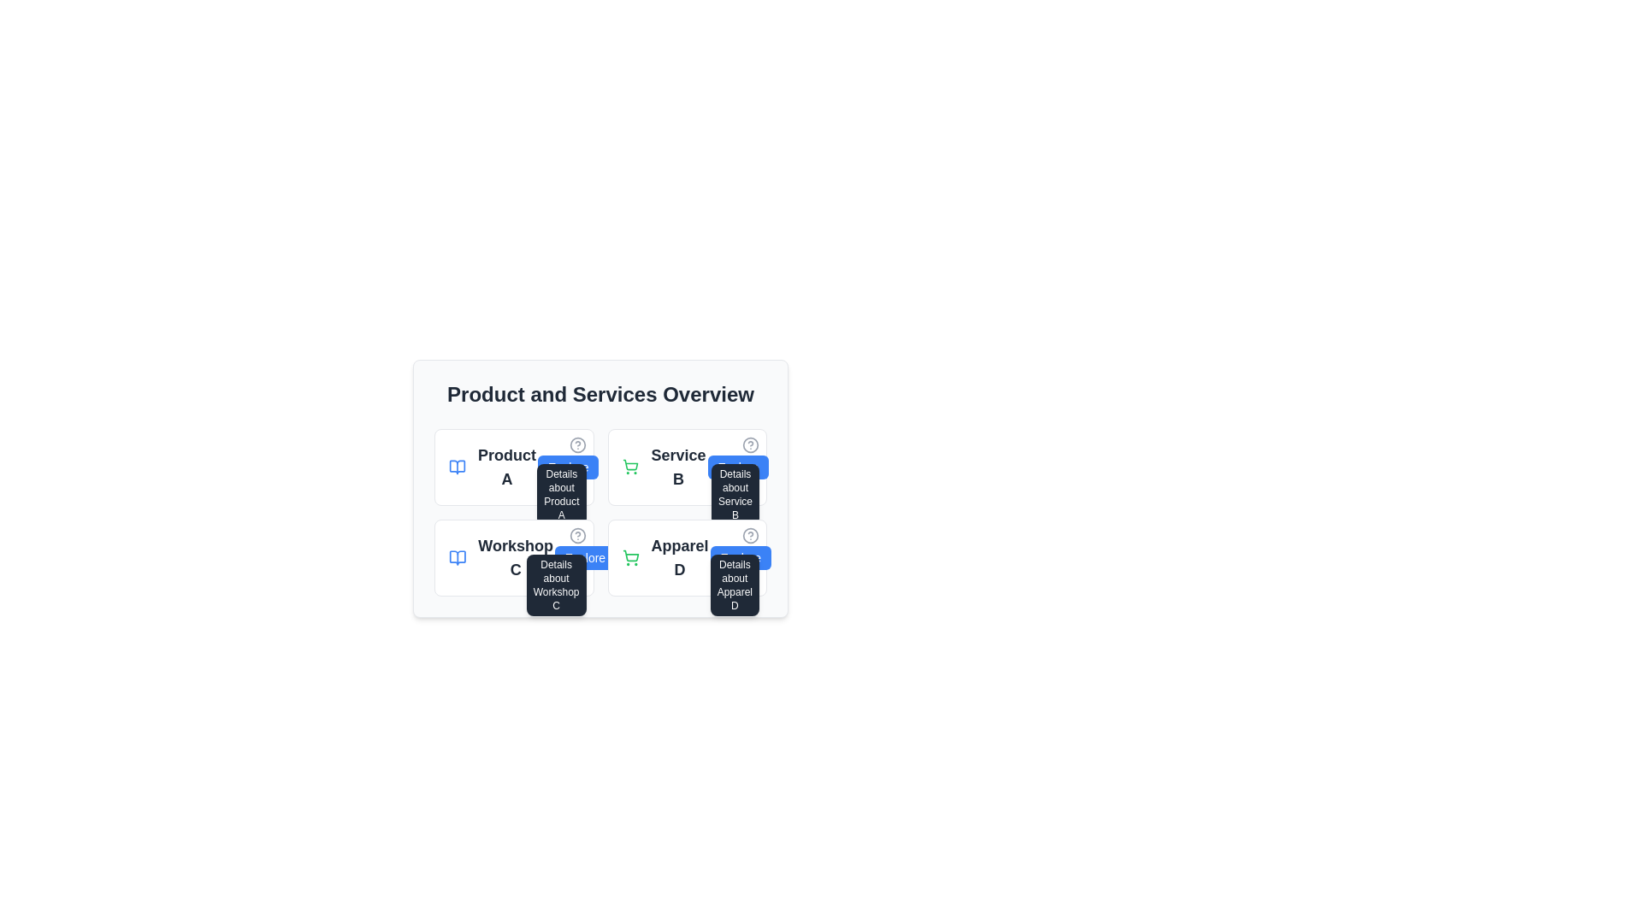 Image resolution: width=1642 pixels, height=923 pixels. I want to click on the Text Label that identifies 'Workshop C', located in the bottom-left quadrant of the 'Product and Services Overview' section, specifically the second item in the first column of a four-cell grid layout, so click(515, 557).